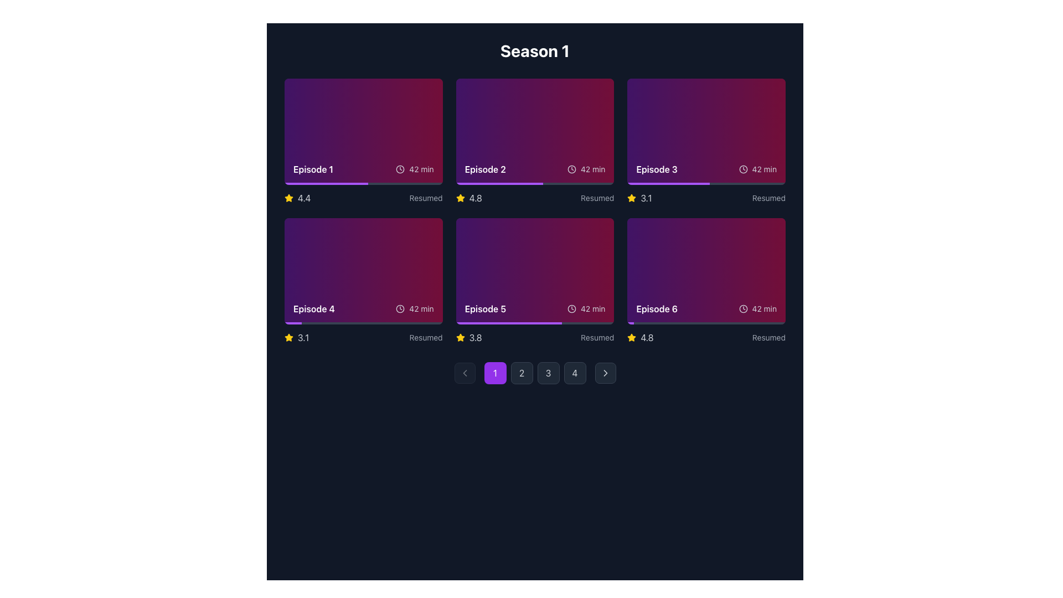 This screenshot has height=598, width=1063. Describe the element at coordinates (303, 337) in the screenshot. I see `the text label displaying '3.1' which is styled in gray and positioned next to a yellow star icon in the rating display for 'Episode 4'` at that location.